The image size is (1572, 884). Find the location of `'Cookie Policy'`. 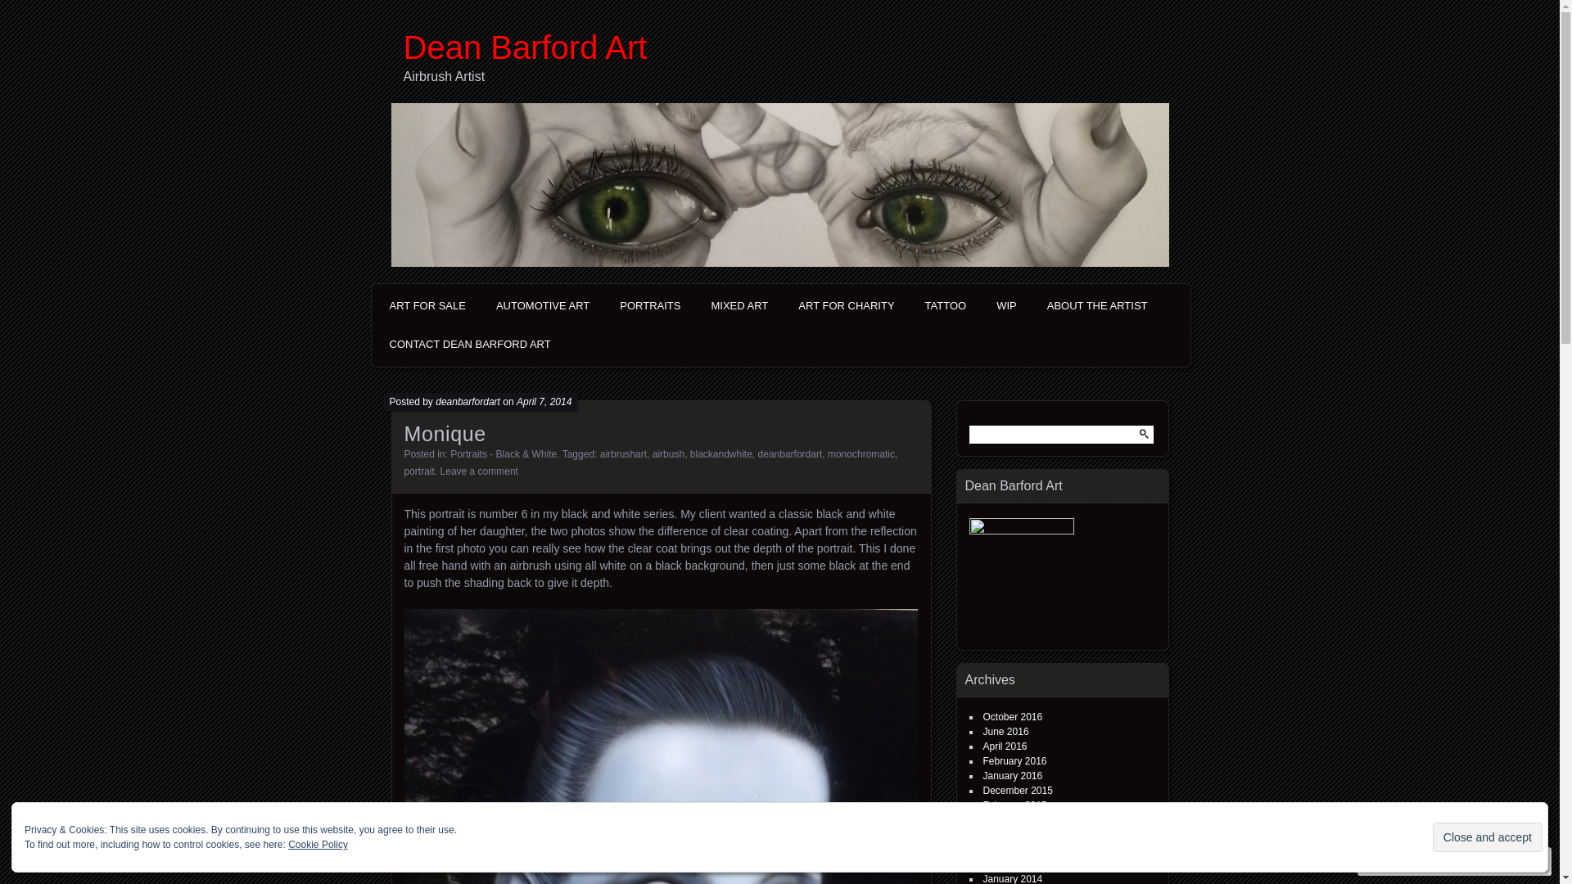

'Cookie Policy' is located at coordinates (318, 845).